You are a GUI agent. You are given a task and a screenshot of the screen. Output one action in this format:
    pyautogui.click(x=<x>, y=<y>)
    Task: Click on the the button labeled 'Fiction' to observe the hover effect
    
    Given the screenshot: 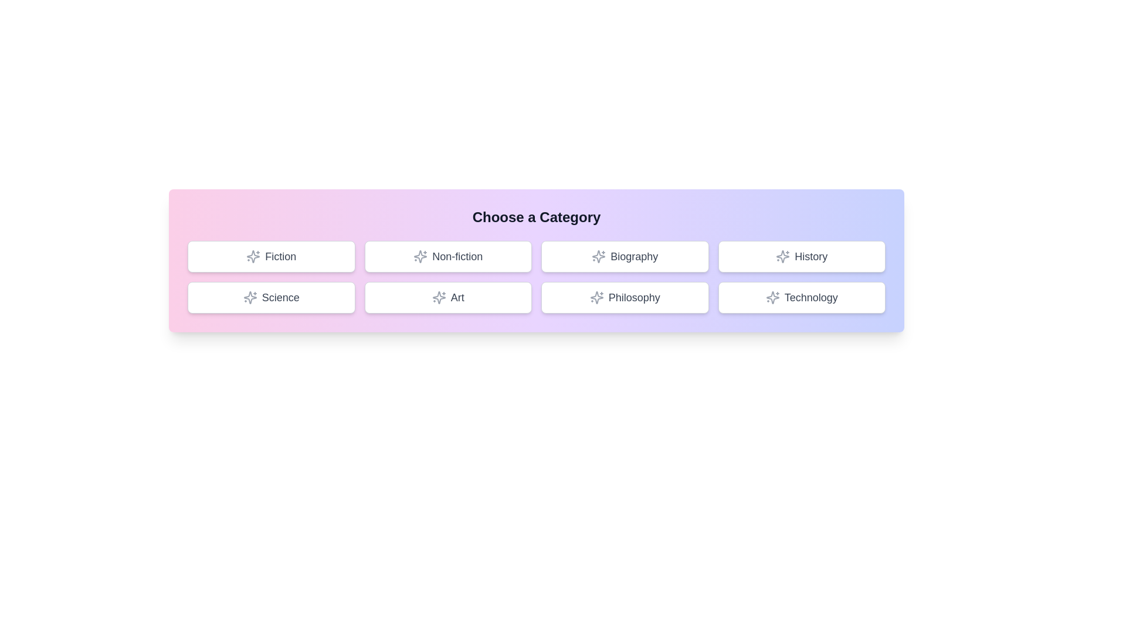 What is the action you would take?
    pyautogui.click(x=270, y=256)
    